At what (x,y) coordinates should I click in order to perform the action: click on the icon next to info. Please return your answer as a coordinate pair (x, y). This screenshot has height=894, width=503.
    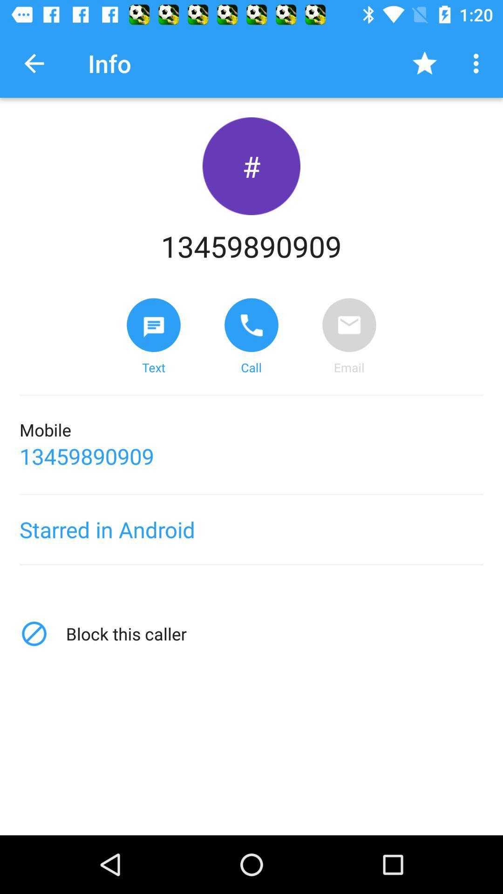
    Looking at the image, I should click on (34, 63).